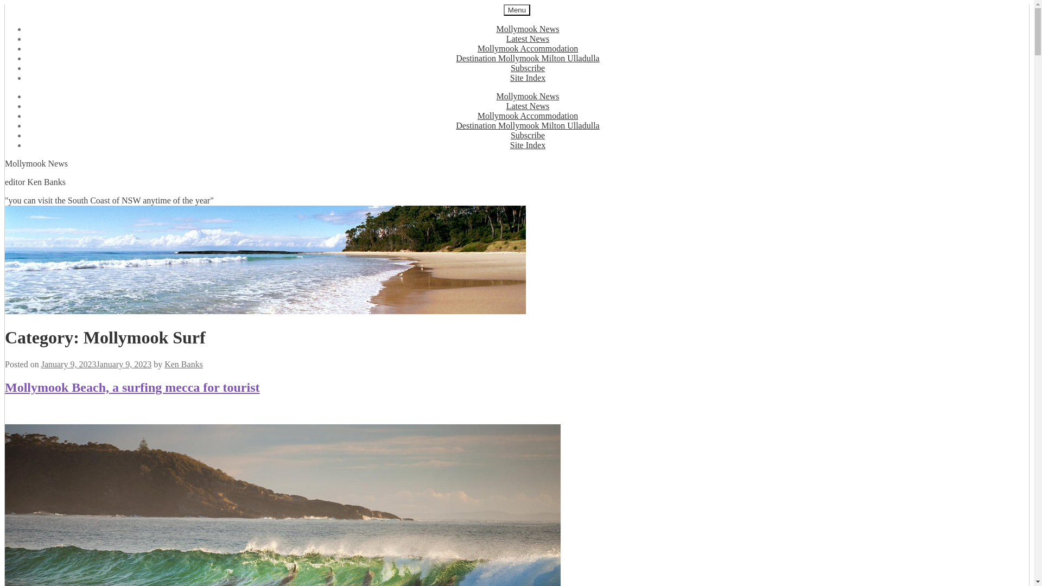  I want to click on 'Site Index', so click(528, 144).